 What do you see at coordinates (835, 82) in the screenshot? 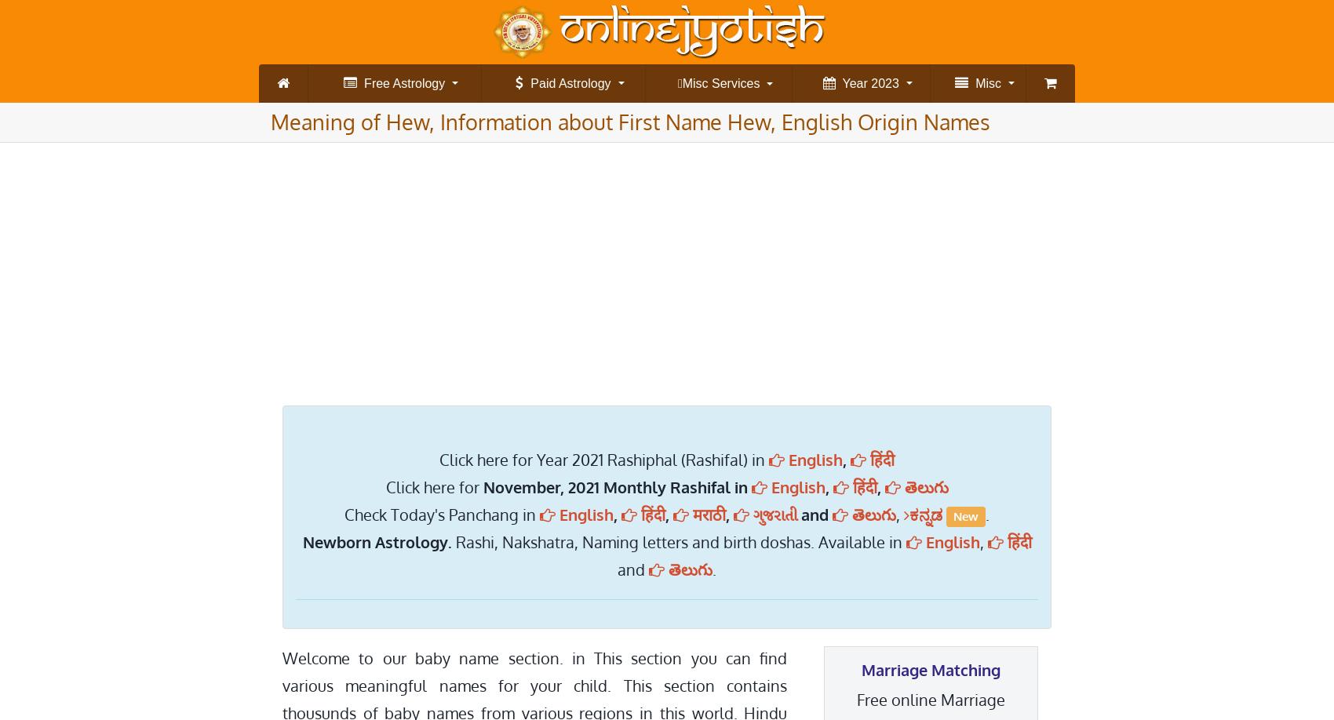
I see `'Year 2023'` at bounding box center [835, 82].